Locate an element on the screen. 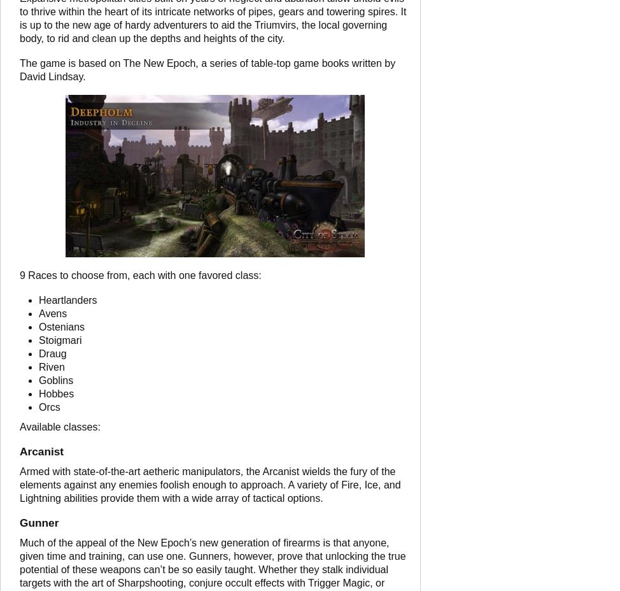  'Draug' is located at coordinates (38, 353).